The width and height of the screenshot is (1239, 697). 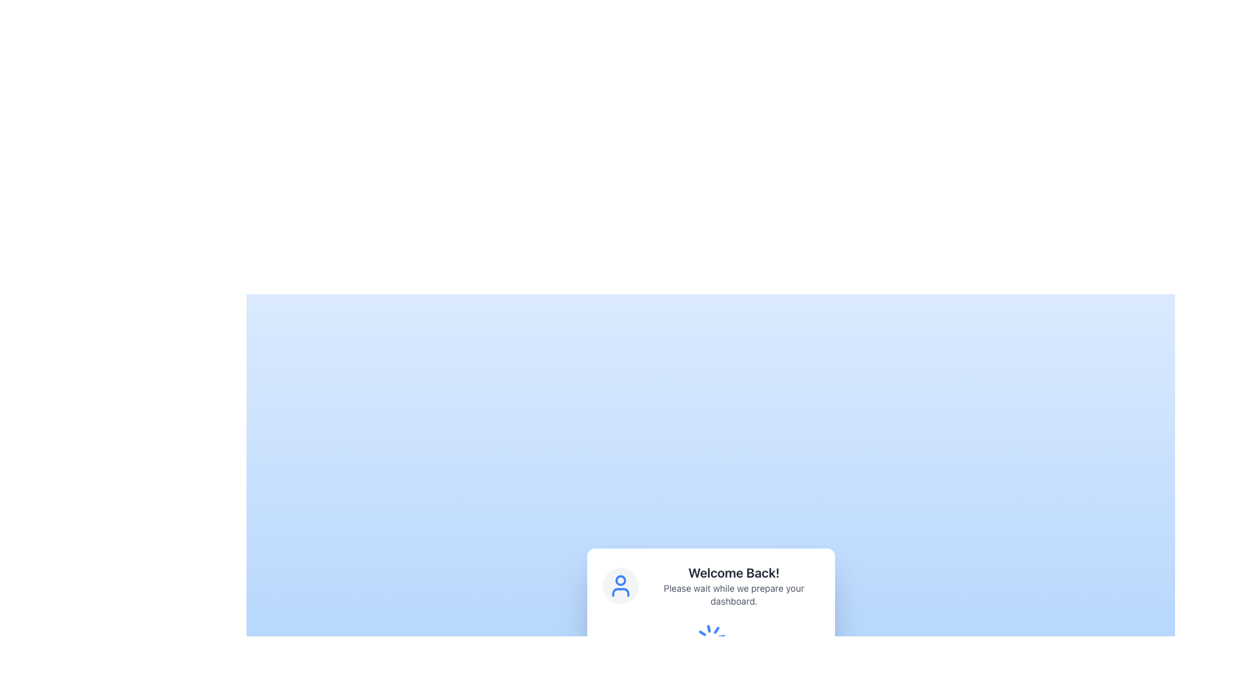 What do you see at coordinates (734, 585) in the screenshot?
I see `the text display element that shows 'Welcome Back!' and 'Please wait while we prepare your dashboard.'` at bounding box center [734, 585].